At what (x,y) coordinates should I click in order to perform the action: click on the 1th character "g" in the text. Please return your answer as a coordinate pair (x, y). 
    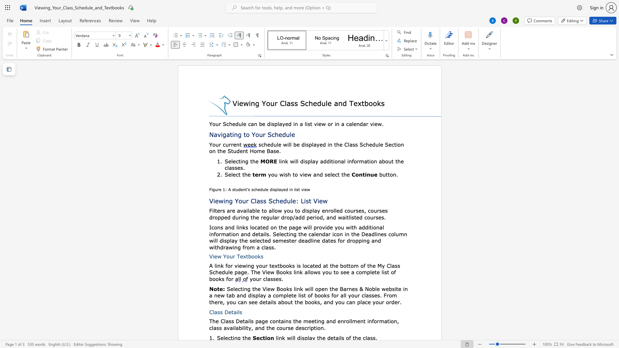
    Looking at the image, I should click on (296, 227).